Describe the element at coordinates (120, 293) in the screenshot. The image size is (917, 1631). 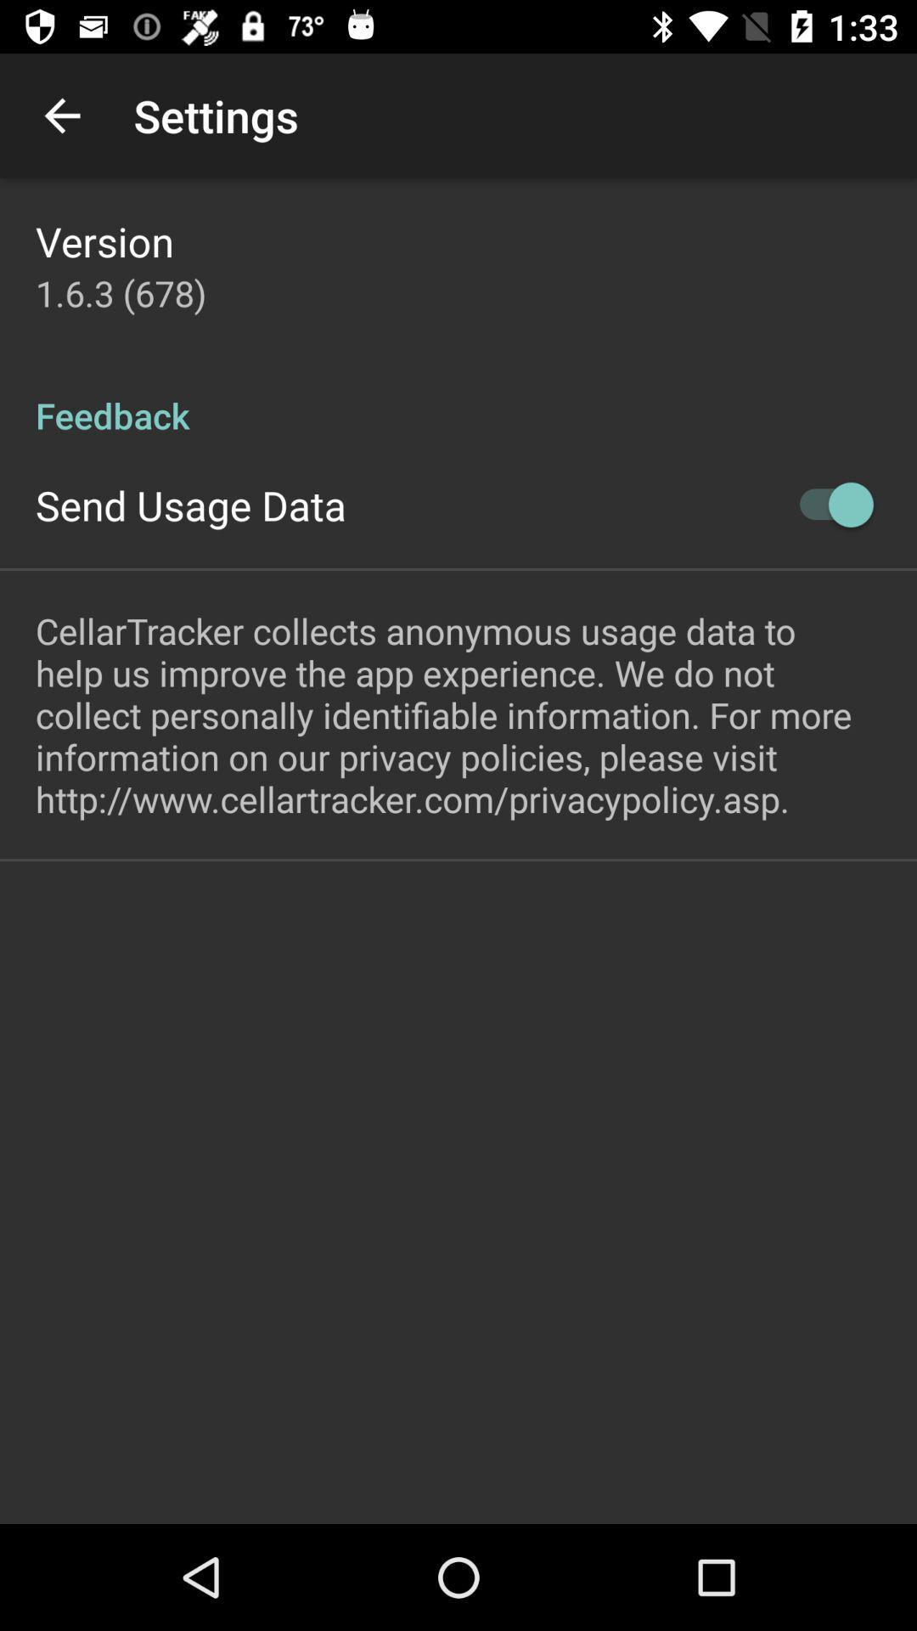
I see `1 6 3` at that location.